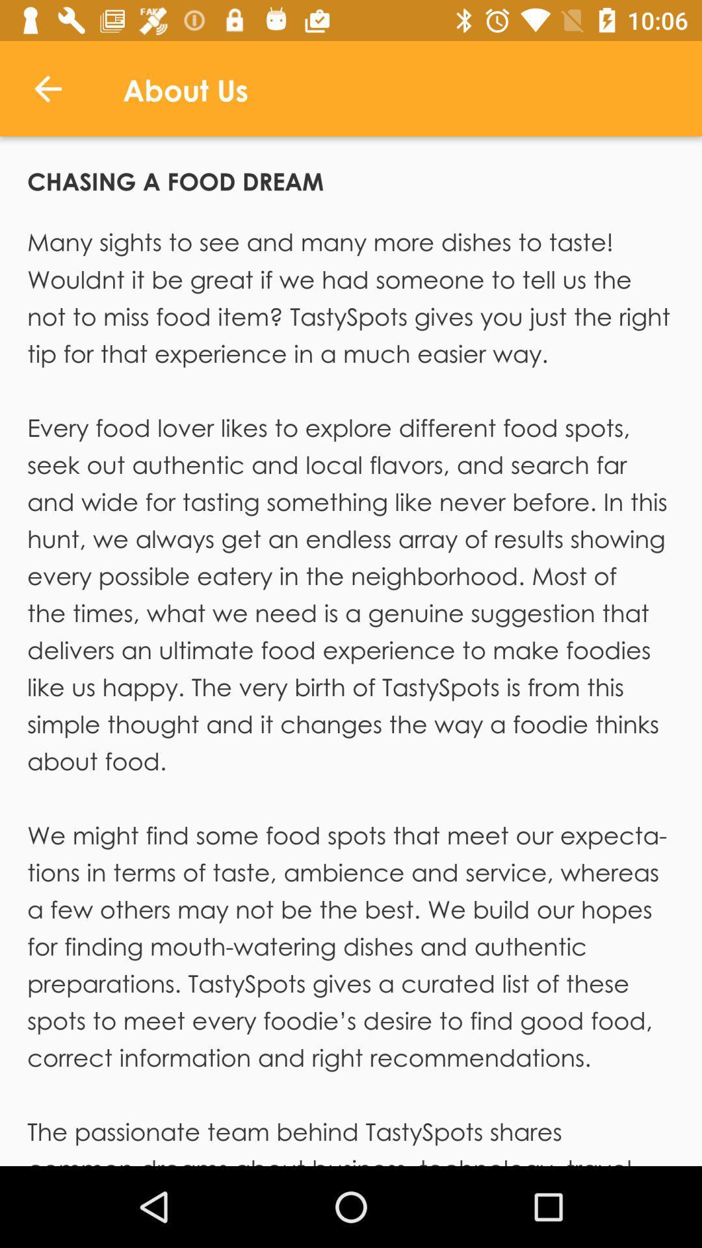 The height and width of the screenshot is (1248, 702). I want to click on item to the left of about us icon, so click(47, 88).